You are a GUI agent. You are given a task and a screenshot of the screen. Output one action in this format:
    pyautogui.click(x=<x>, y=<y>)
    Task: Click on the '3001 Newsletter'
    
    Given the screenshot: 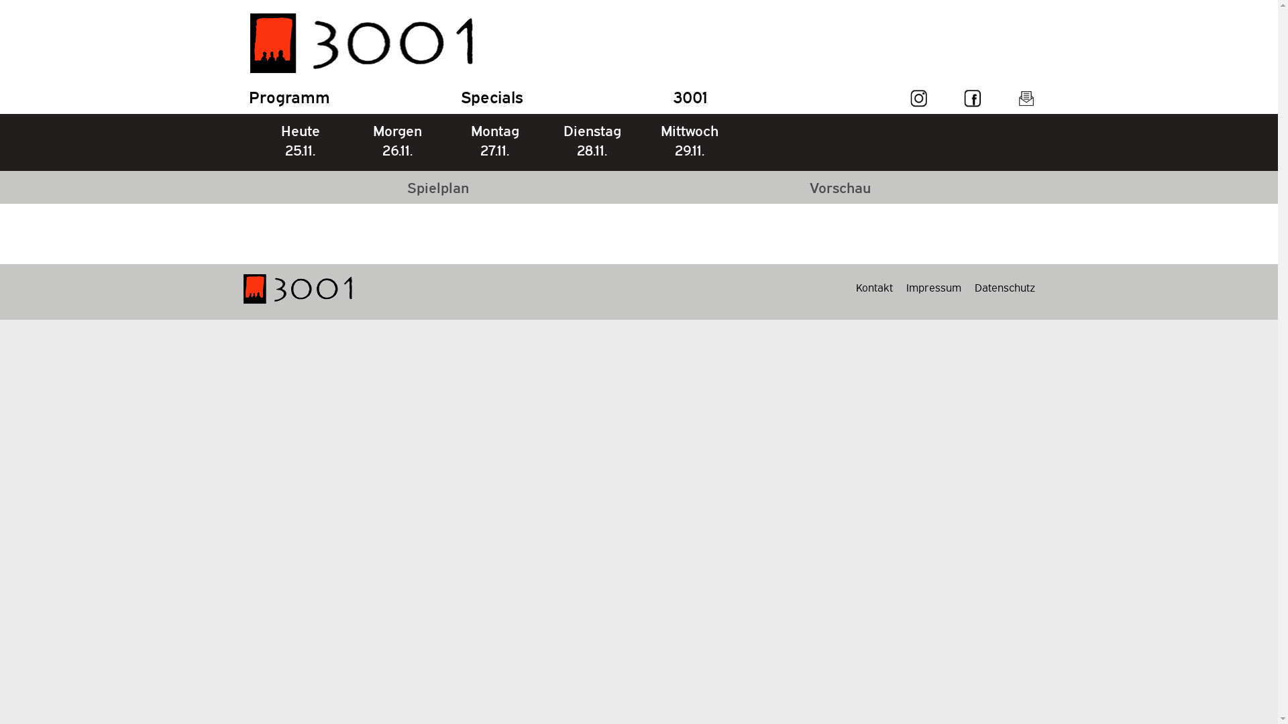 What is the action you would take?
    pyautogui.click(x=1025, y=97)
    